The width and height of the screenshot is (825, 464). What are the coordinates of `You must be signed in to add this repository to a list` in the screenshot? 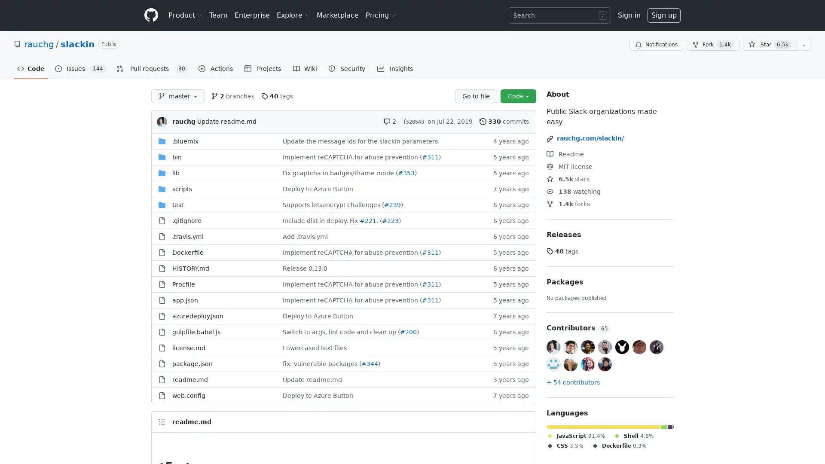 It's located at (804, 45).